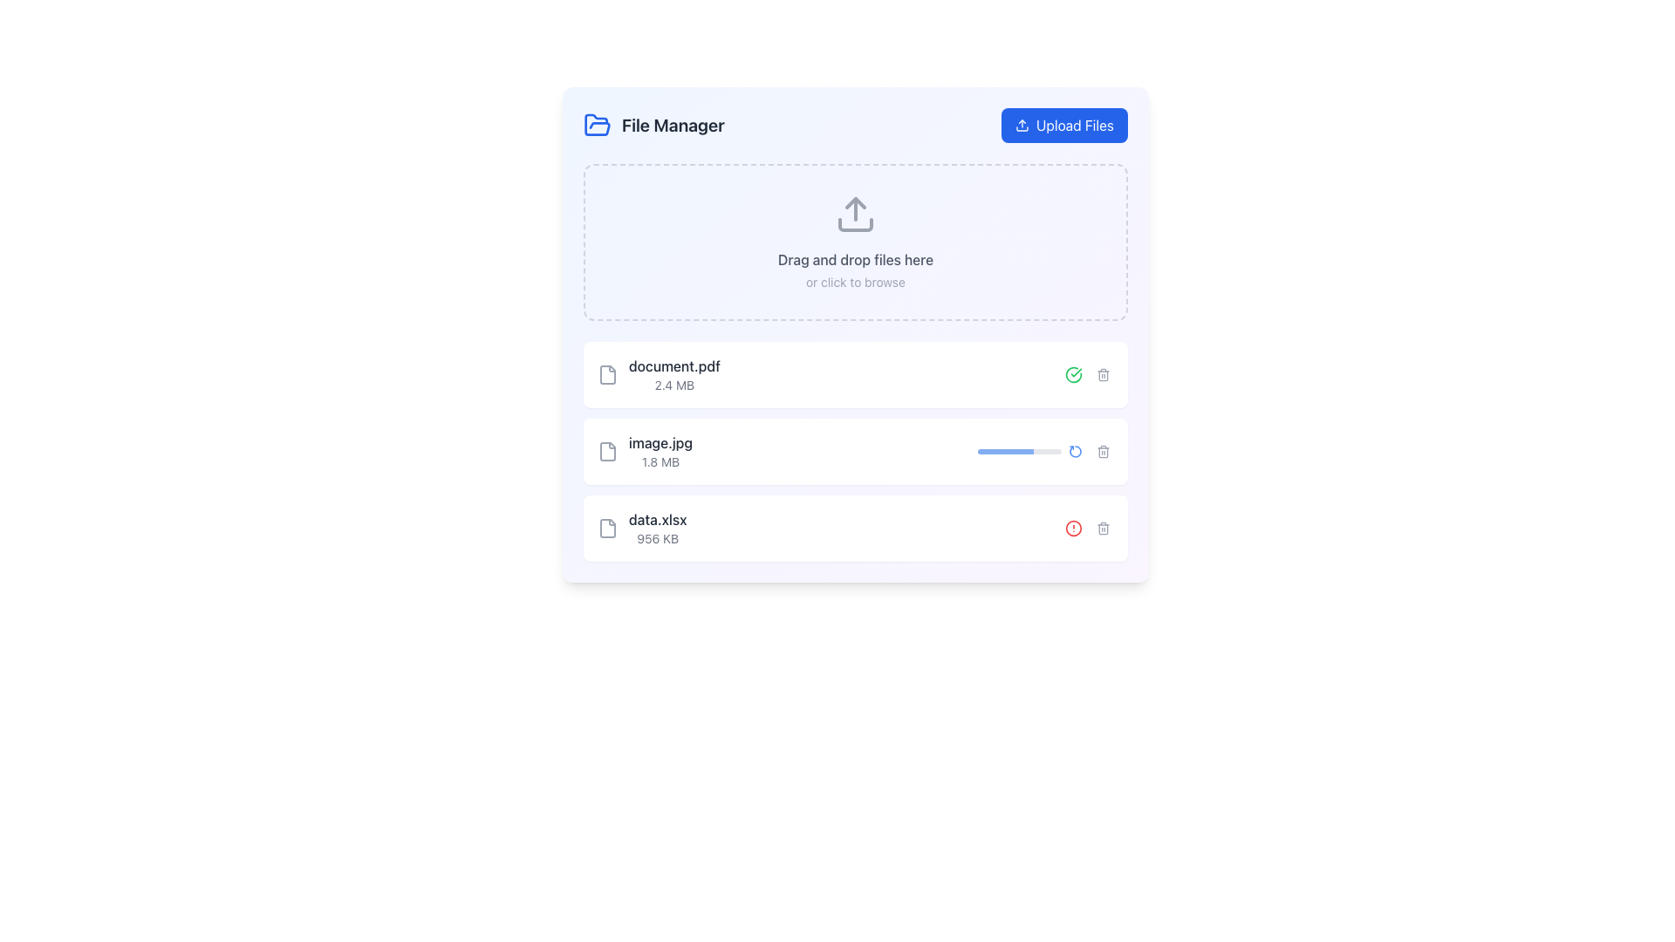  What do you see at coordinates (1103, 450) in the screenshot?
I see `the delete button located to the far right of a list item in the file management interface` at bounding box center [1103, 450].